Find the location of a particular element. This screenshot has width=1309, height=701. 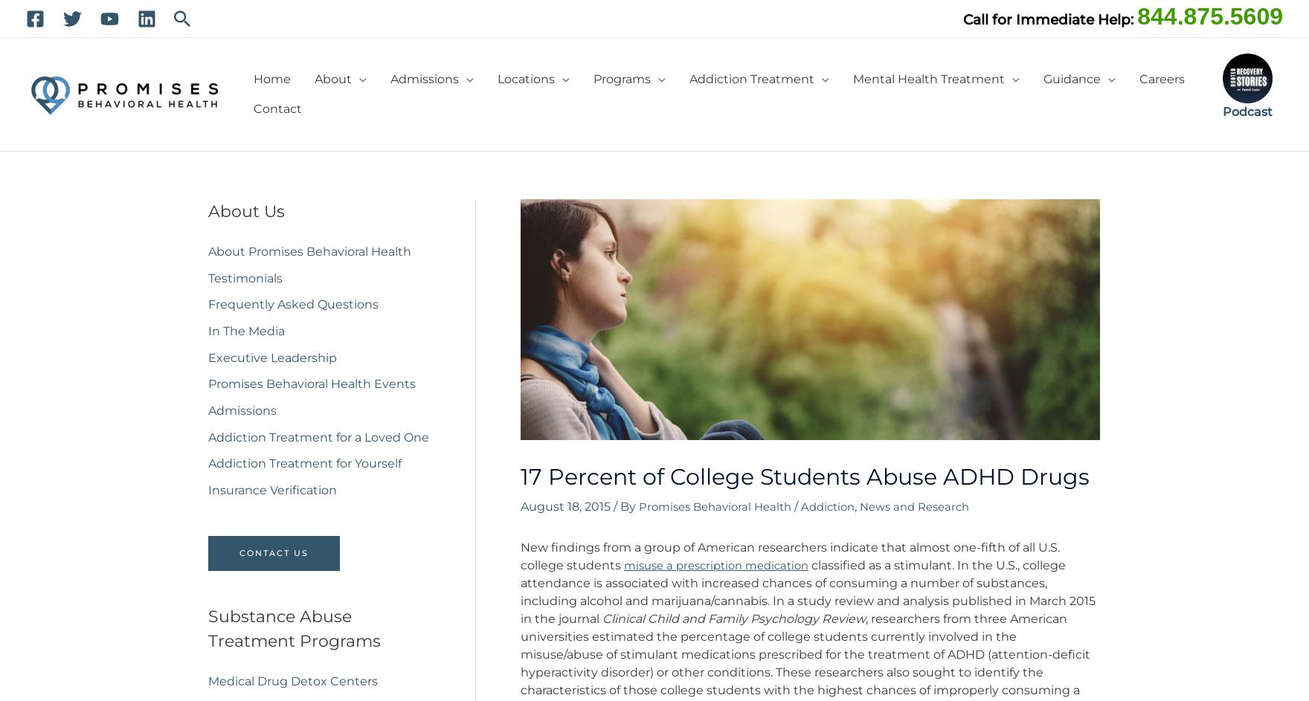

'Podcast' is located at coordinates (1247, 111).